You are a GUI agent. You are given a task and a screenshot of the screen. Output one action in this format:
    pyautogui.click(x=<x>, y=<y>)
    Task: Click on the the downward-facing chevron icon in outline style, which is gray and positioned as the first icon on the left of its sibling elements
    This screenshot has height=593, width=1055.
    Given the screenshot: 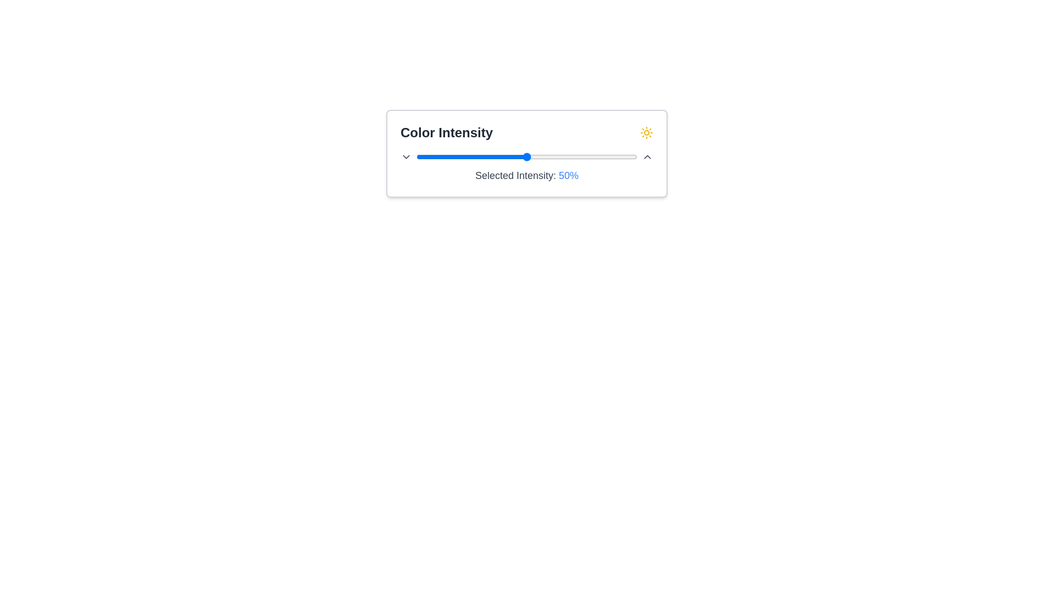 What is the action you would take?
    pyautogui.click(x=406, y=156)
    